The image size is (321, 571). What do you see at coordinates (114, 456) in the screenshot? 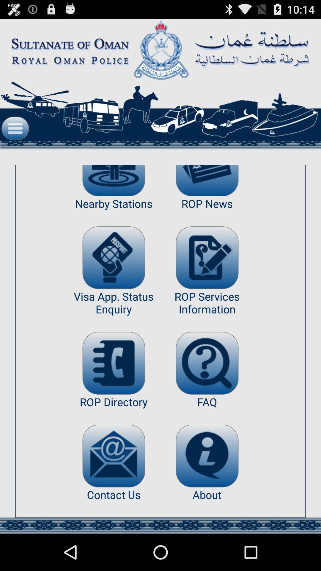
I see `app above contact us` at bounding box center [114, 456].